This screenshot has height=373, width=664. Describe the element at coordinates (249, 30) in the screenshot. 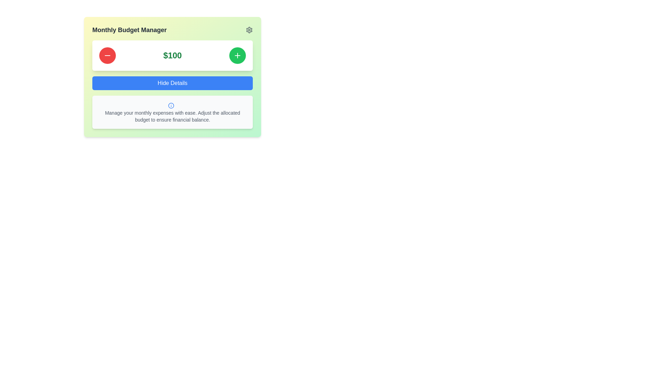

I see `the gear-shaped icon in the upper-right corner of the 'Monthly Budget Manager' interface, which is styled in gray and resembles a settings control` at that location.